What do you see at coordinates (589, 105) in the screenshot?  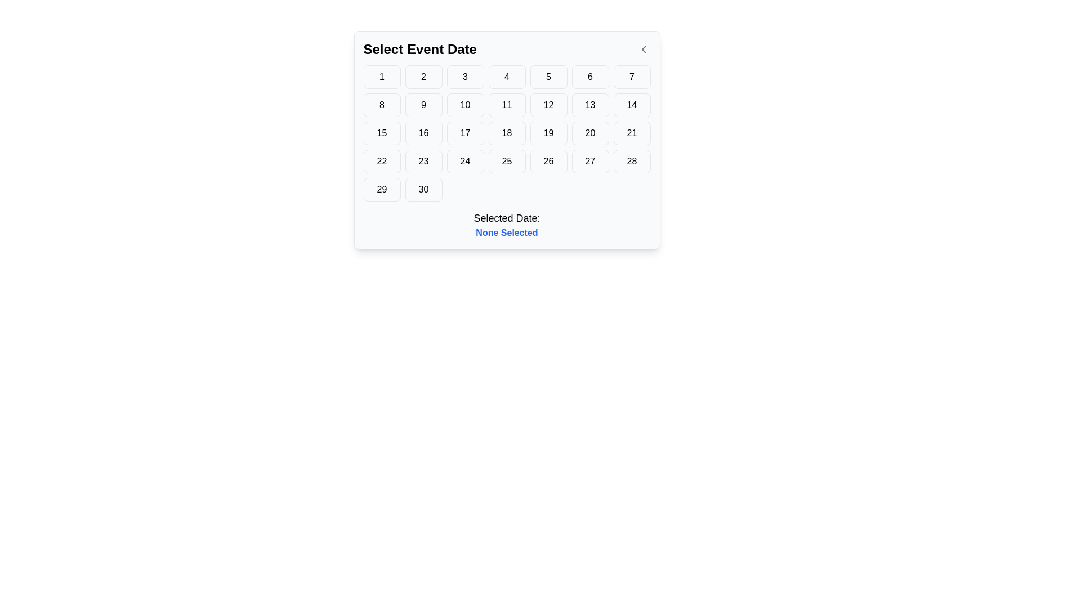 I see `the button displaying the number '13' to activate keyboard navigation` at bounding box center [589, 105].